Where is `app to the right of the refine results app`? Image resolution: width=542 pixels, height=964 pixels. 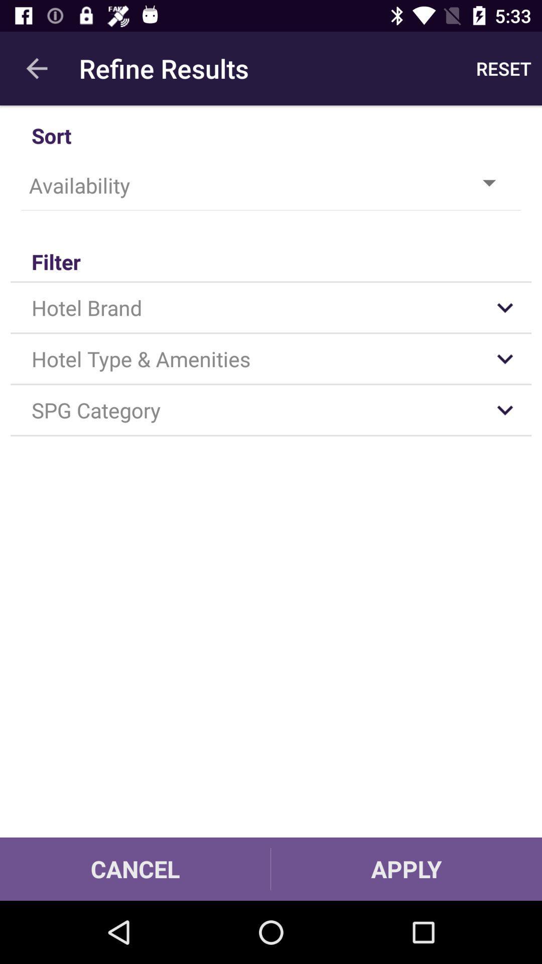
app to the right of the refine results app is located at coordinates (503, 68).